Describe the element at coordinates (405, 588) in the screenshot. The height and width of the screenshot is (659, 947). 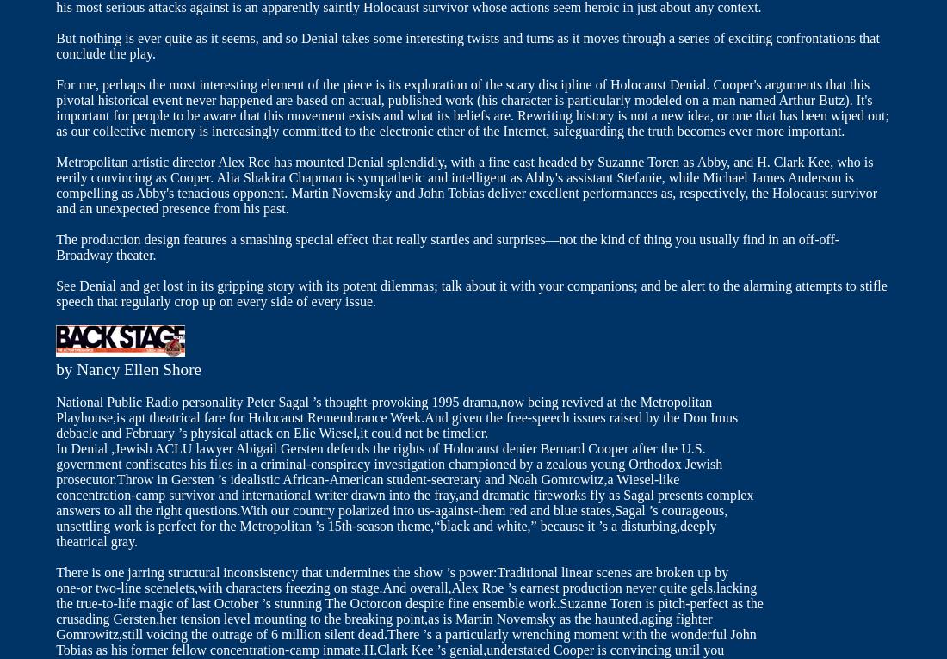
I see `'one-or
two-line
scenelets,with
characters
freezing
on stage.And overall,Alex
Roe ’s earnest production never quite gels,lacking'` at that location.